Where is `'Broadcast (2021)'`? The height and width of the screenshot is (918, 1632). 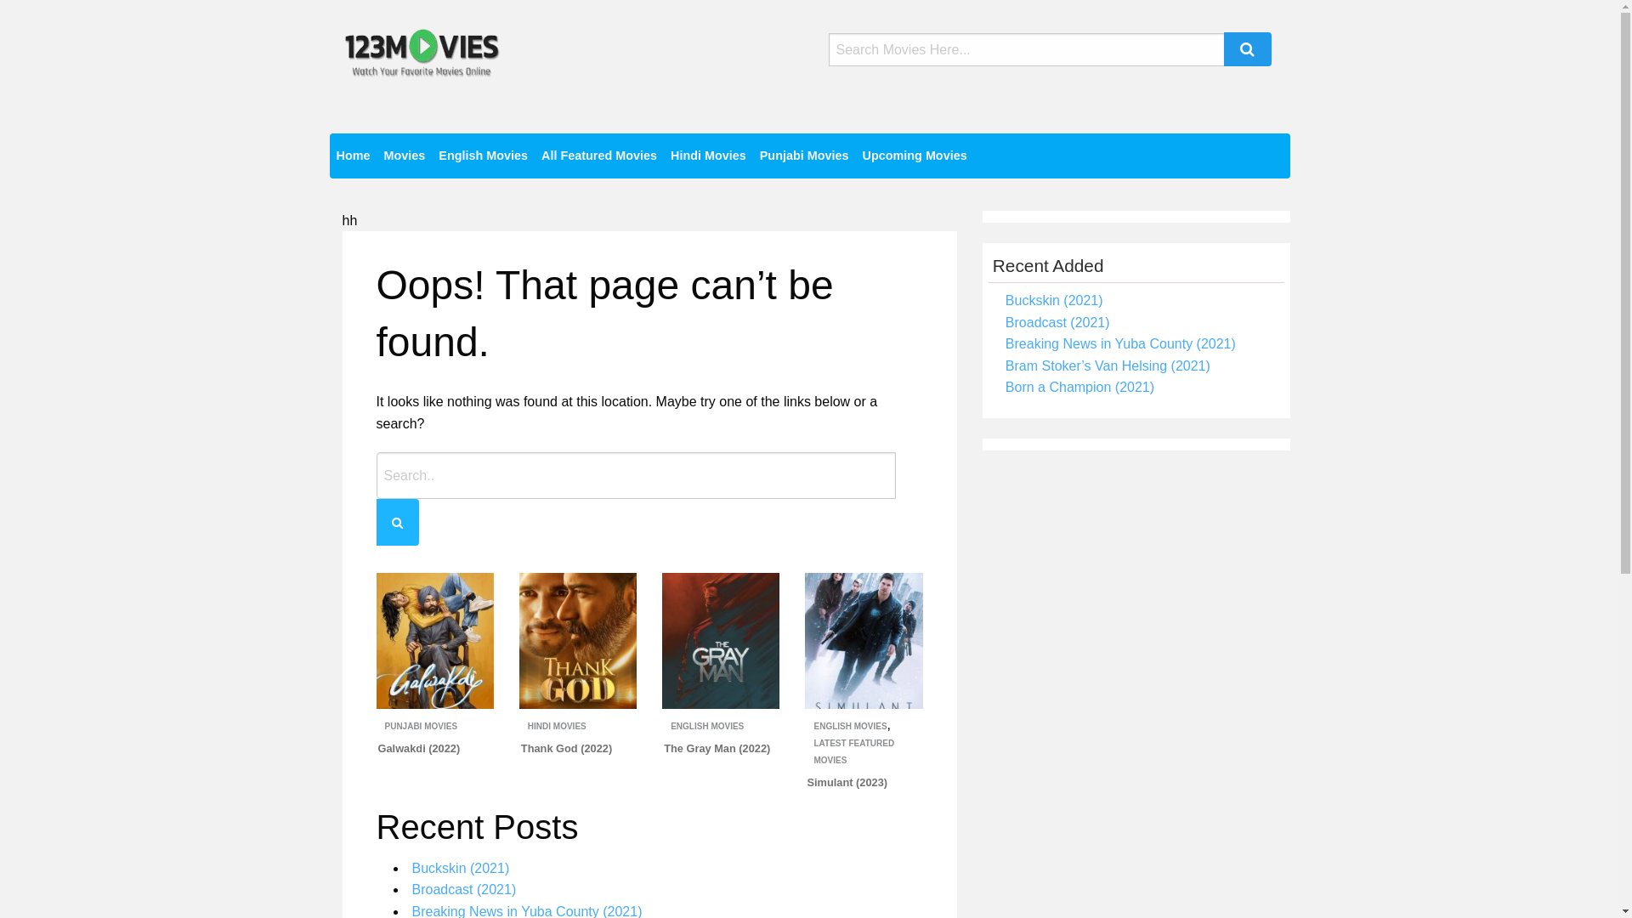
'Broadcast (2021)' is located at coordinates (1057, 322).